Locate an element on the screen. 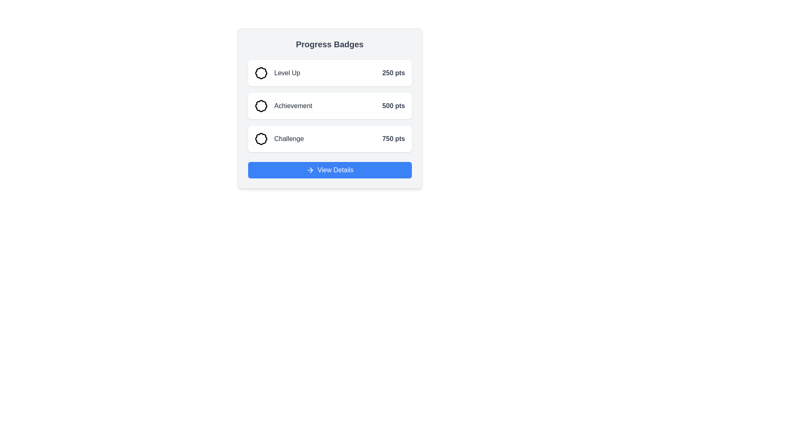 The height and width of the screenshot is (444, 790). the circular badge icon, which is the leftmost icon in the first row of the 'Progress Badges' section is located at coordinates (260, 72).